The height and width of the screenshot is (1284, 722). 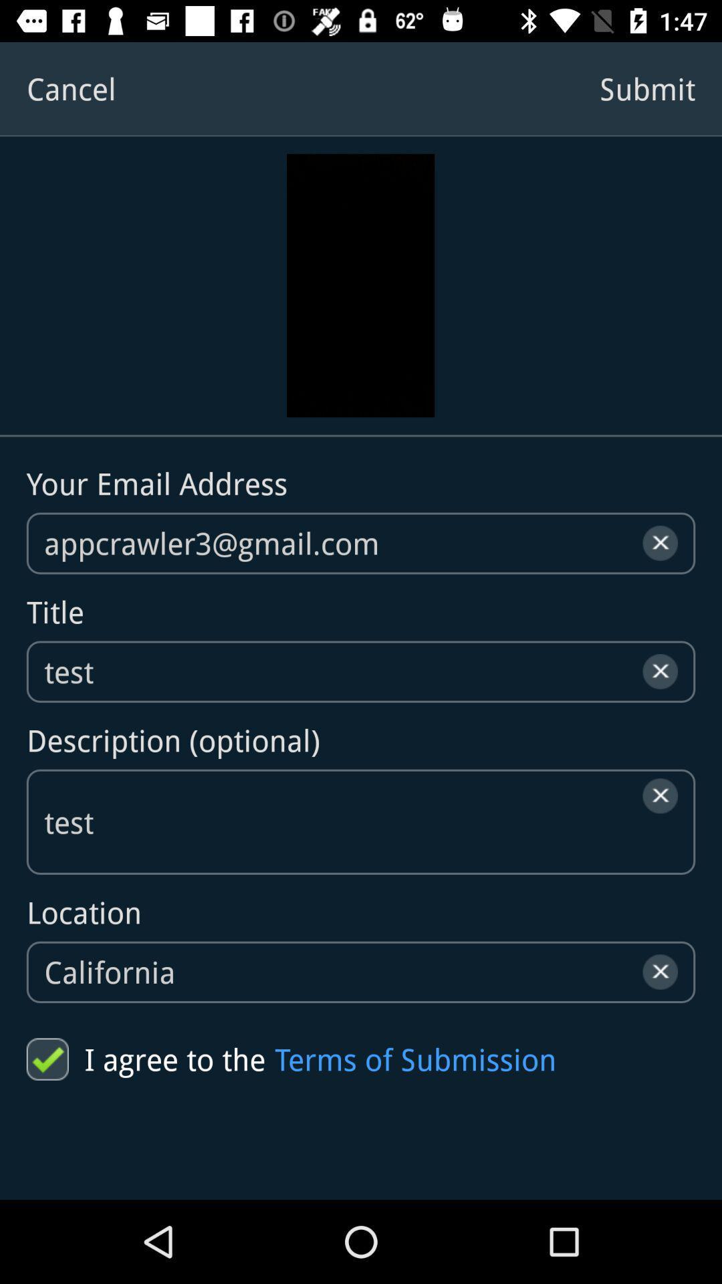 What do you see at coordinates (659, 972) in the screenshot?
I see `the close icon` at bounding box center [659, 972].